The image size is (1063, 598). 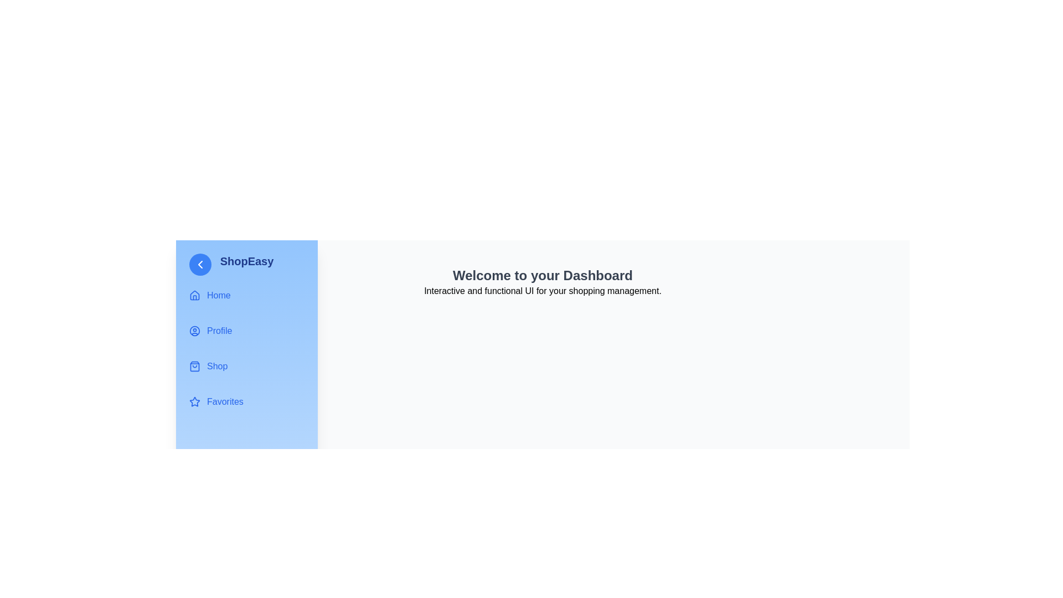 I want to click on the navigation control button located in the sidebar, positioned above the 'ShopEasy' logo, to visualize any hover effect, so click(x=200, y=265).